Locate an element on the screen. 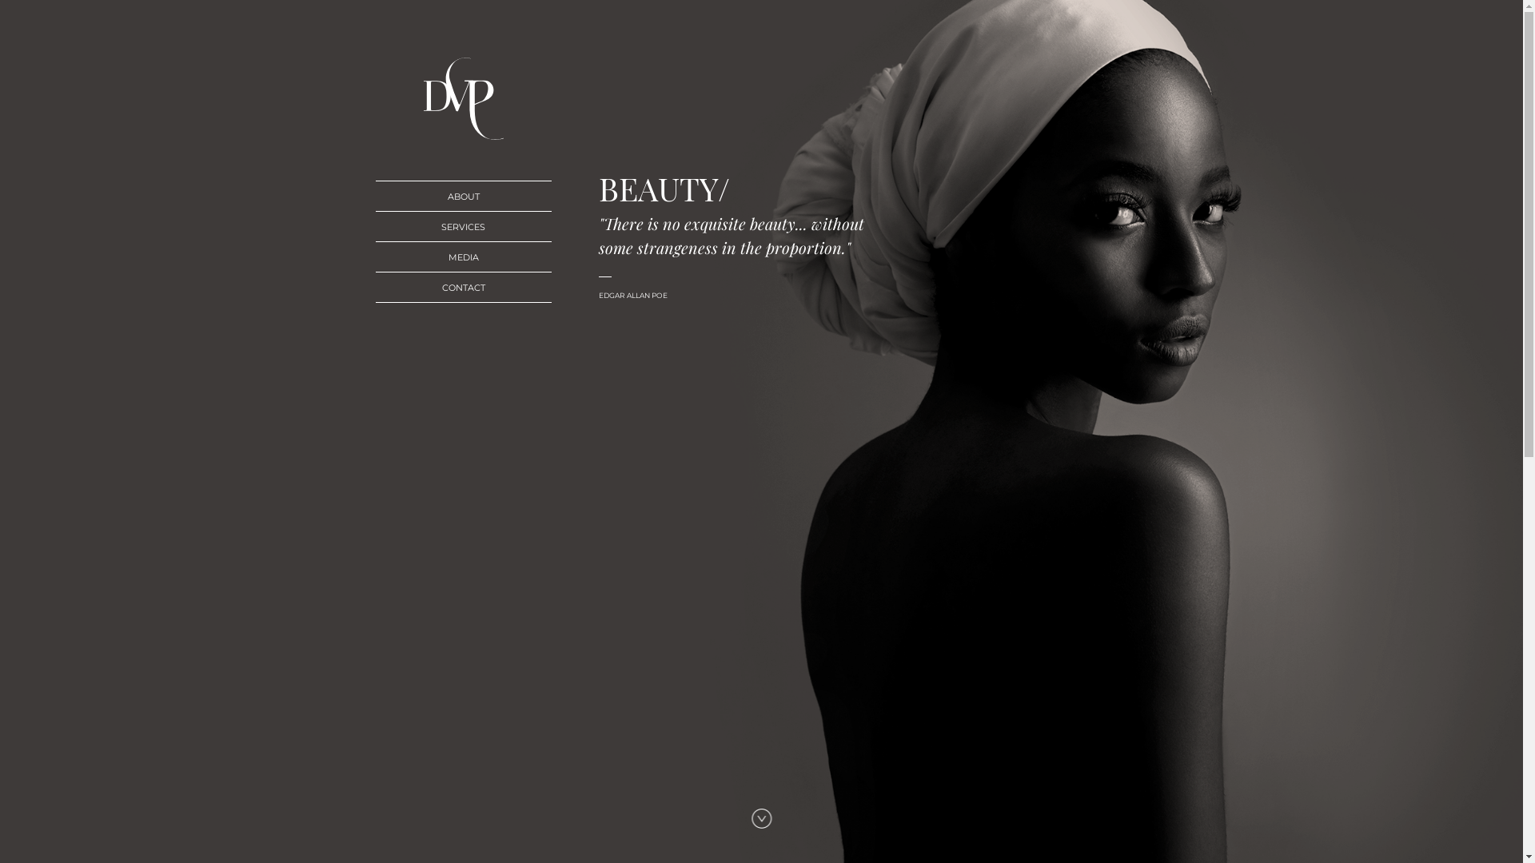 Image resolution: width=1535 pixels, height=863 pixels. 'ABOUT' is located at coordinates (463, 195).